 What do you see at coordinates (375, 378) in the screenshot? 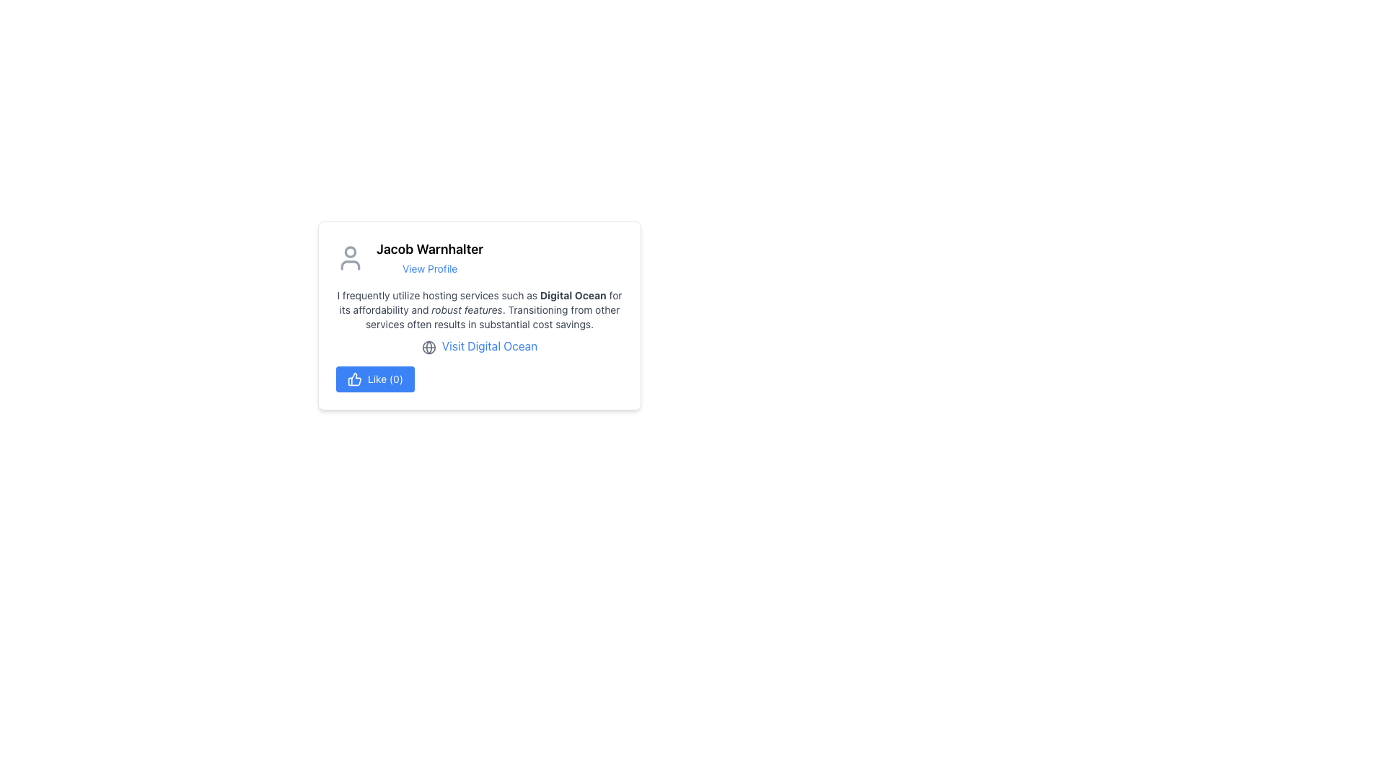
I see `the blue rectangular button with a thumbs-up icon and the text 'Like (0)' to like the content` at bounding box center [375, 378].